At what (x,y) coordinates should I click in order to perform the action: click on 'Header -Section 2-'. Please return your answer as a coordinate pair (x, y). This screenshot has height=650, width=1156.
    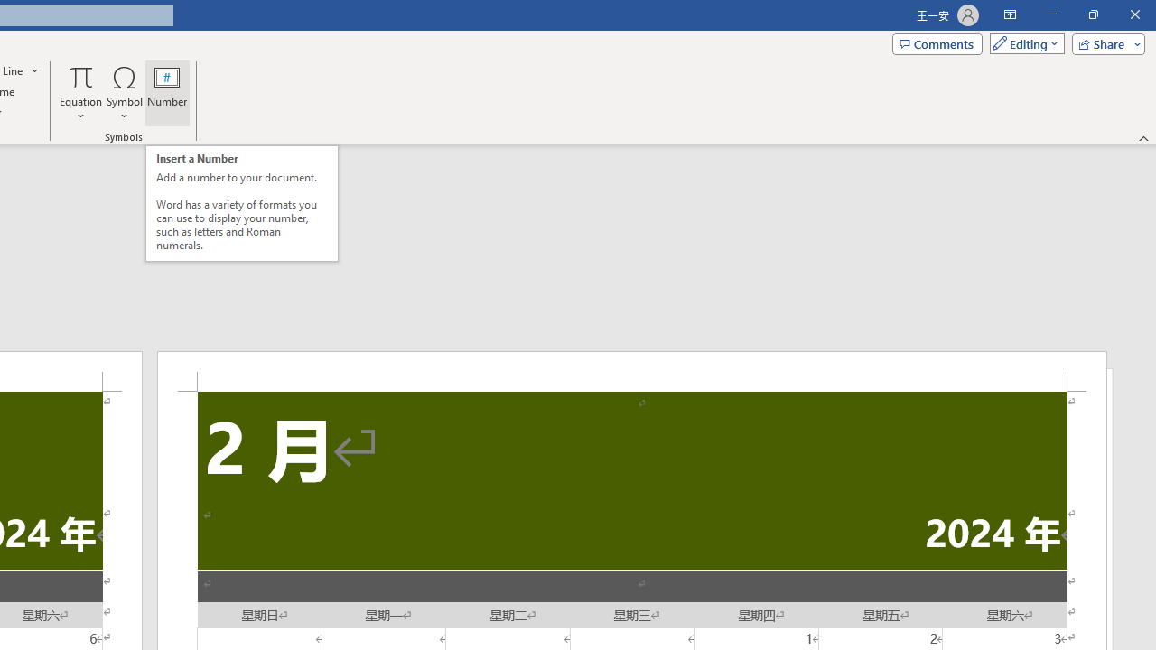
    Looking at the image, I should click on (632, 370).